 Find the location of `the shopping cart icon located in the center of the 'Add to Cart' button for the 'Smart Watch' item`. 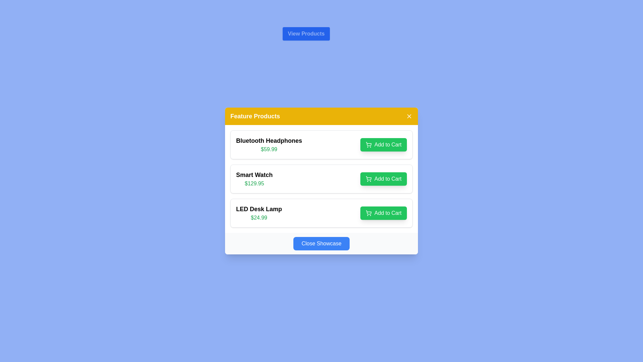

the shopping cart icon located in the center of the 'Add to Cart' button for the 'Smart Watch' item is located at coordinates (368, 178).